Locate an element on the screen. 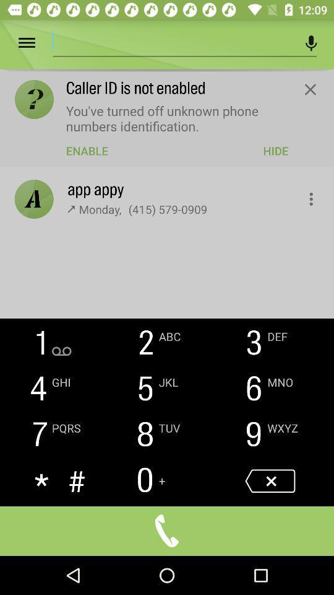 This screenshot has width=334, height=595. microphone button is located at coordinates (310, 43).